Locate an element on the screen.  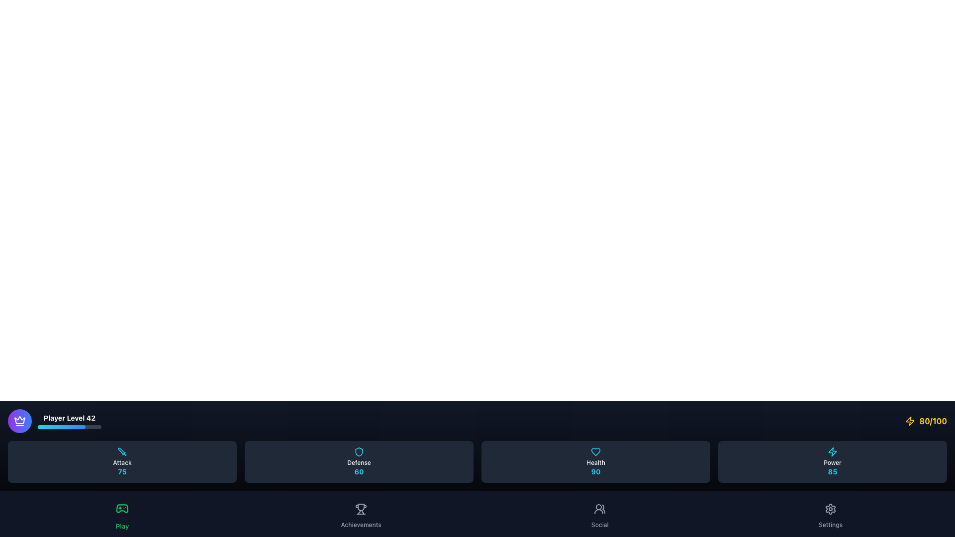
the energy icon and label at the bottom right of the interface is located at coordinates (926, 421).